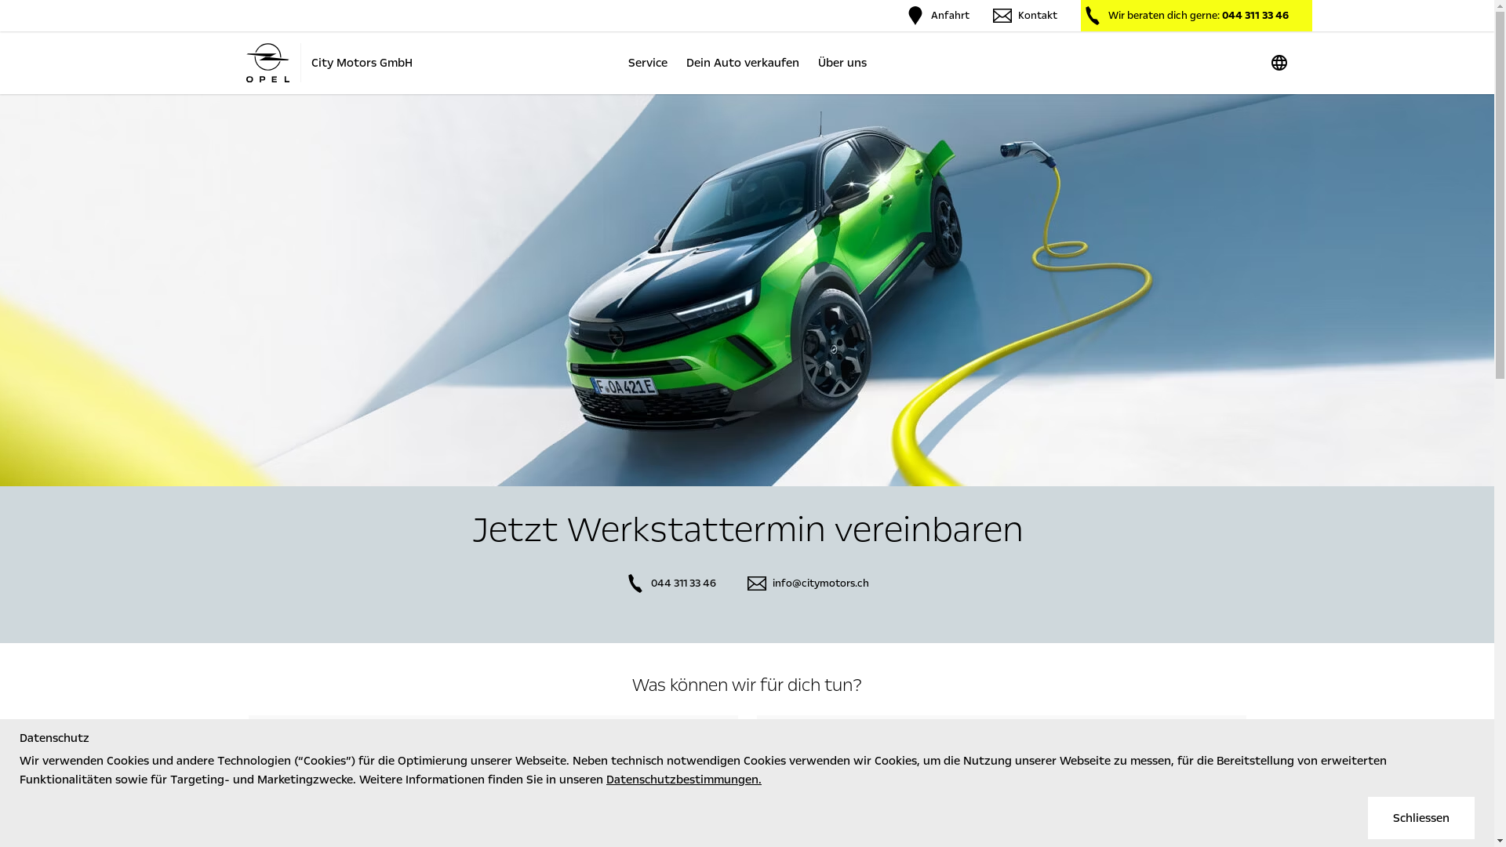  Describe the element at coordinates (684, 780) in the screenshot. I see `'Datenschutzbestimmungen.'` at that location.